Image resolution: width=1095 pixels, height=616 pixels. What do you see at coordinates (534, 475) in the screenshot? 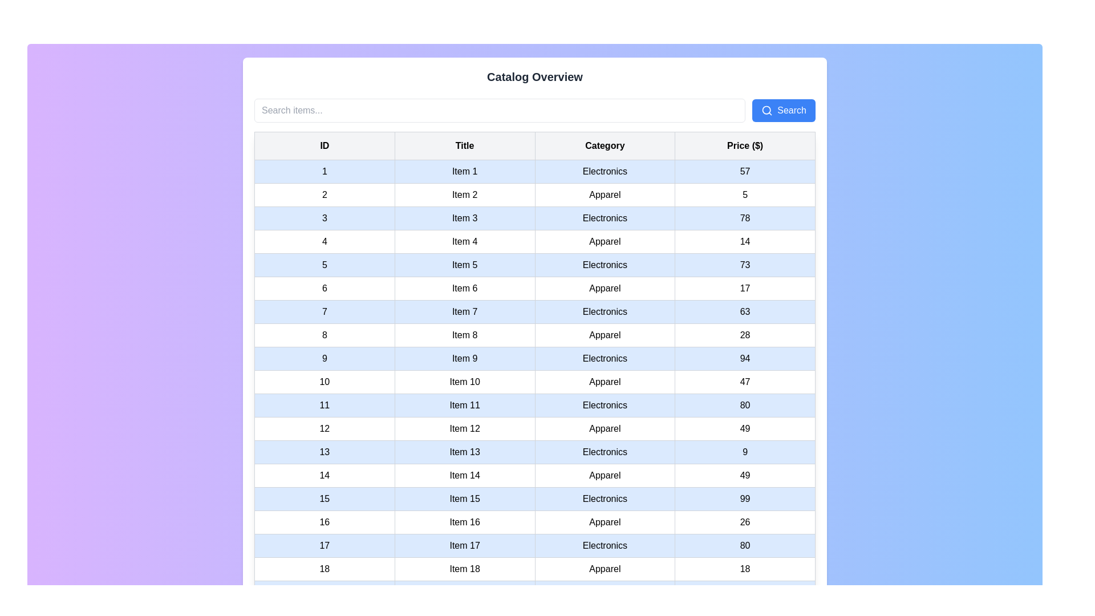
I see `the 14th row of the table that displays a specific record's details, including an ID, title, category, and price` at bounding box center [534, 475].